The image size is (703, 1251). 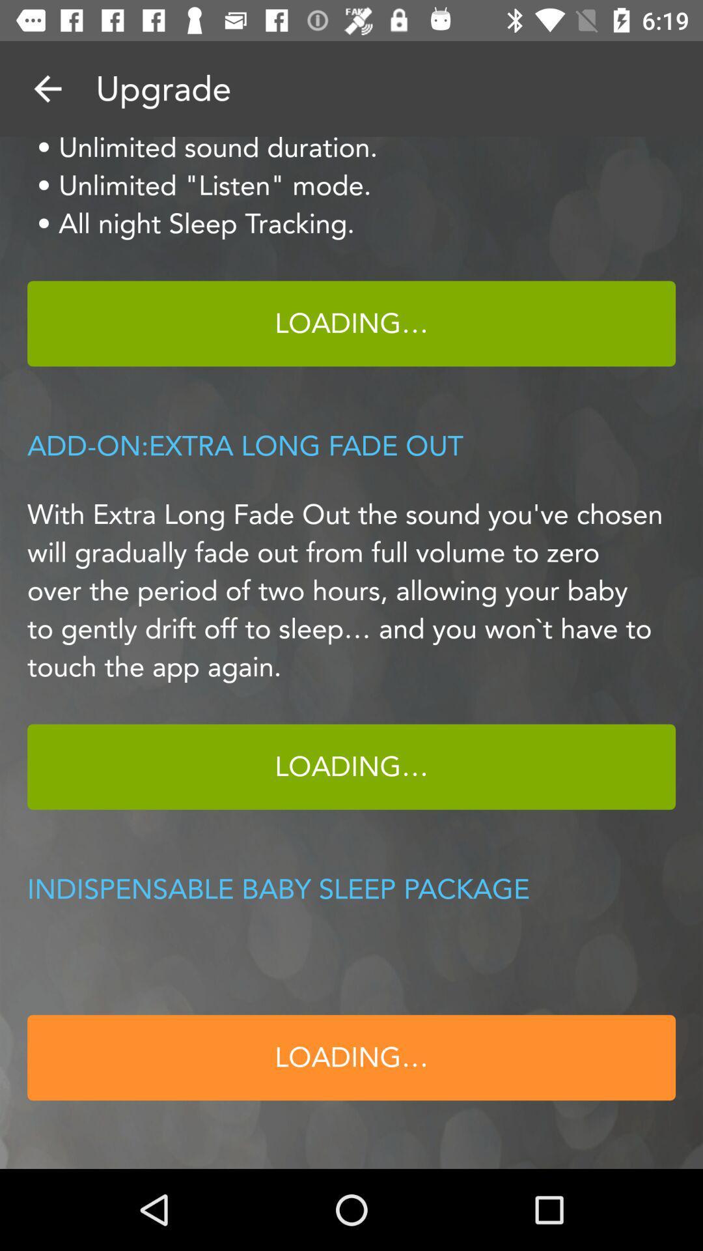 I want to click on go back, so click(x=47, y=88).